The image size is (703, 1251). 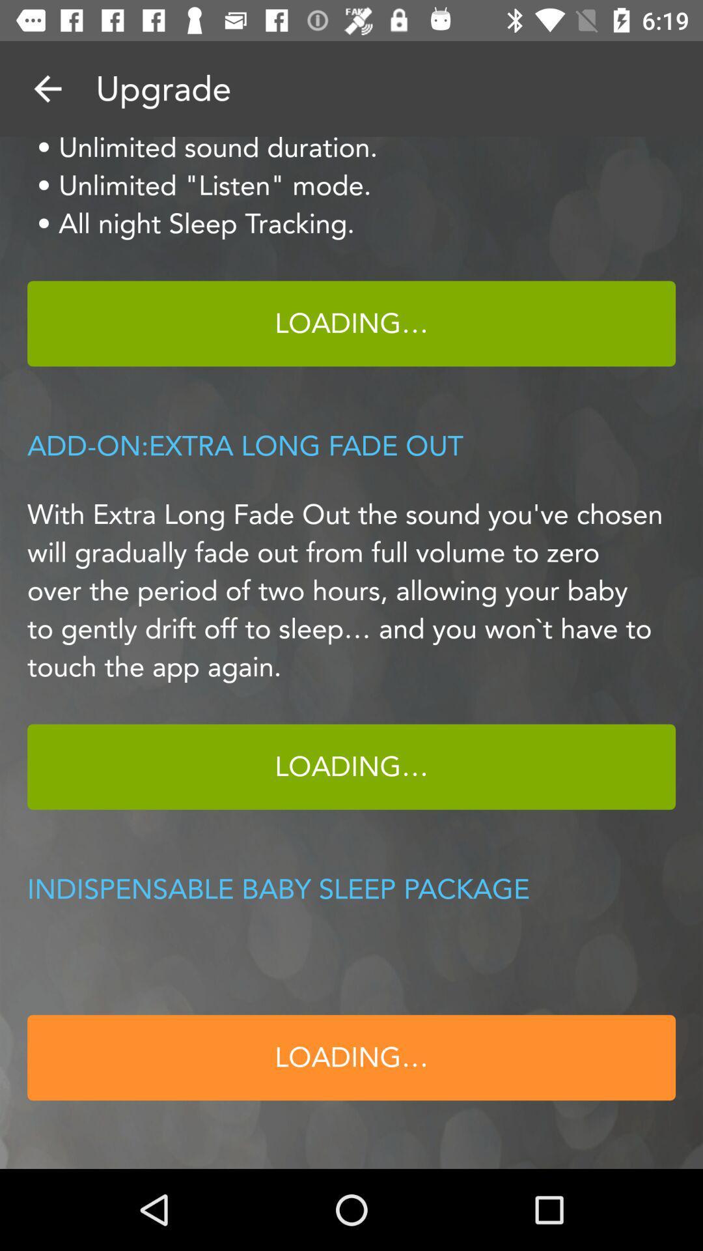 I want to click on go back, so click(x=47, y=88).